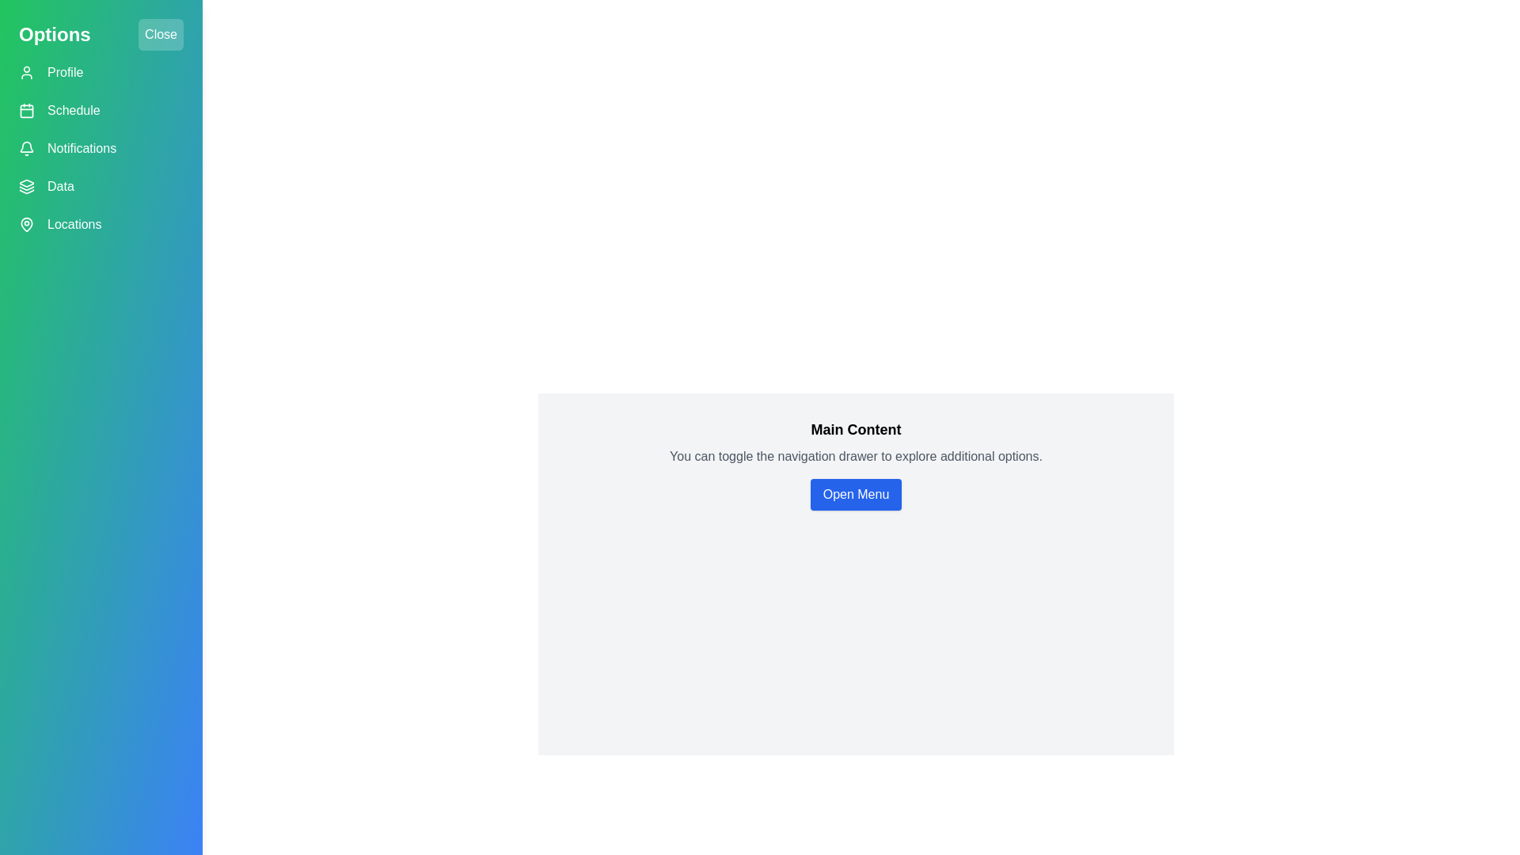 This screenshot has height=855, width=1520. Describe the element at coordinates (101, 73) in the screenshot. I see `the Profile button in the navigation menu` at that location.